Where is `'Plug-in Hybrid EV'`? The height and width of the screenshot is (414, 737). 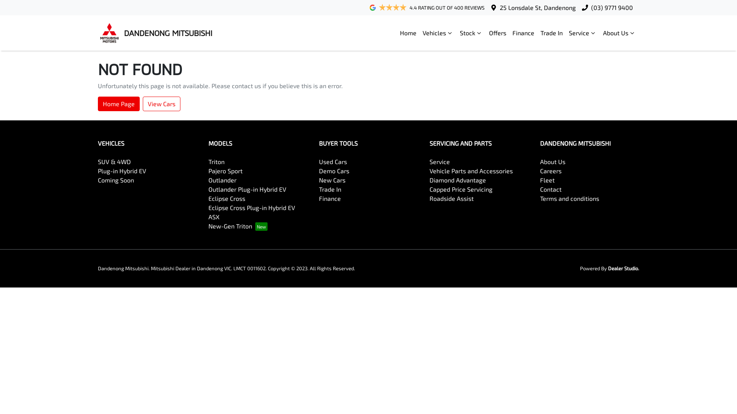
'Plug-in Hybrid EV' is located at coordinates (121, 170).